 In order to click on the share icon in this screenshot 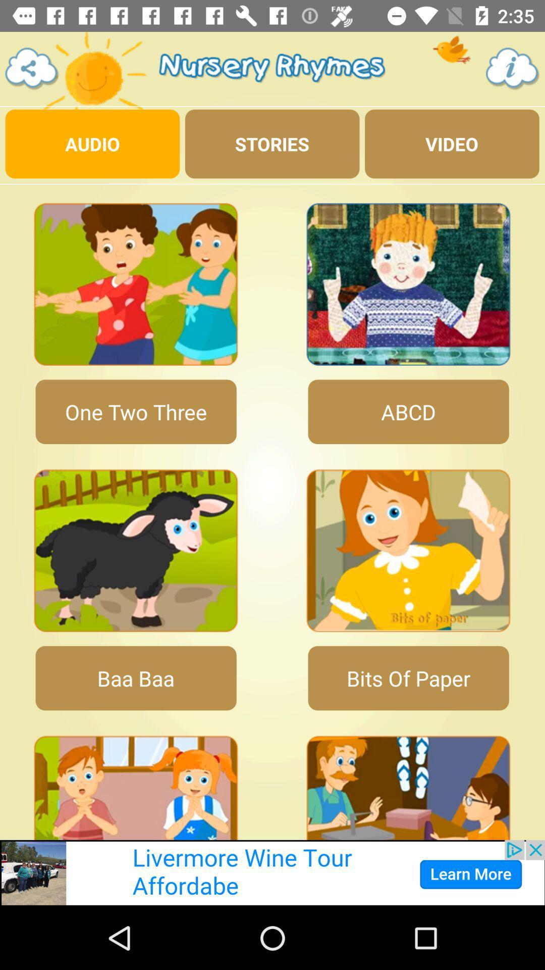, I will do `click(31, 68)`.